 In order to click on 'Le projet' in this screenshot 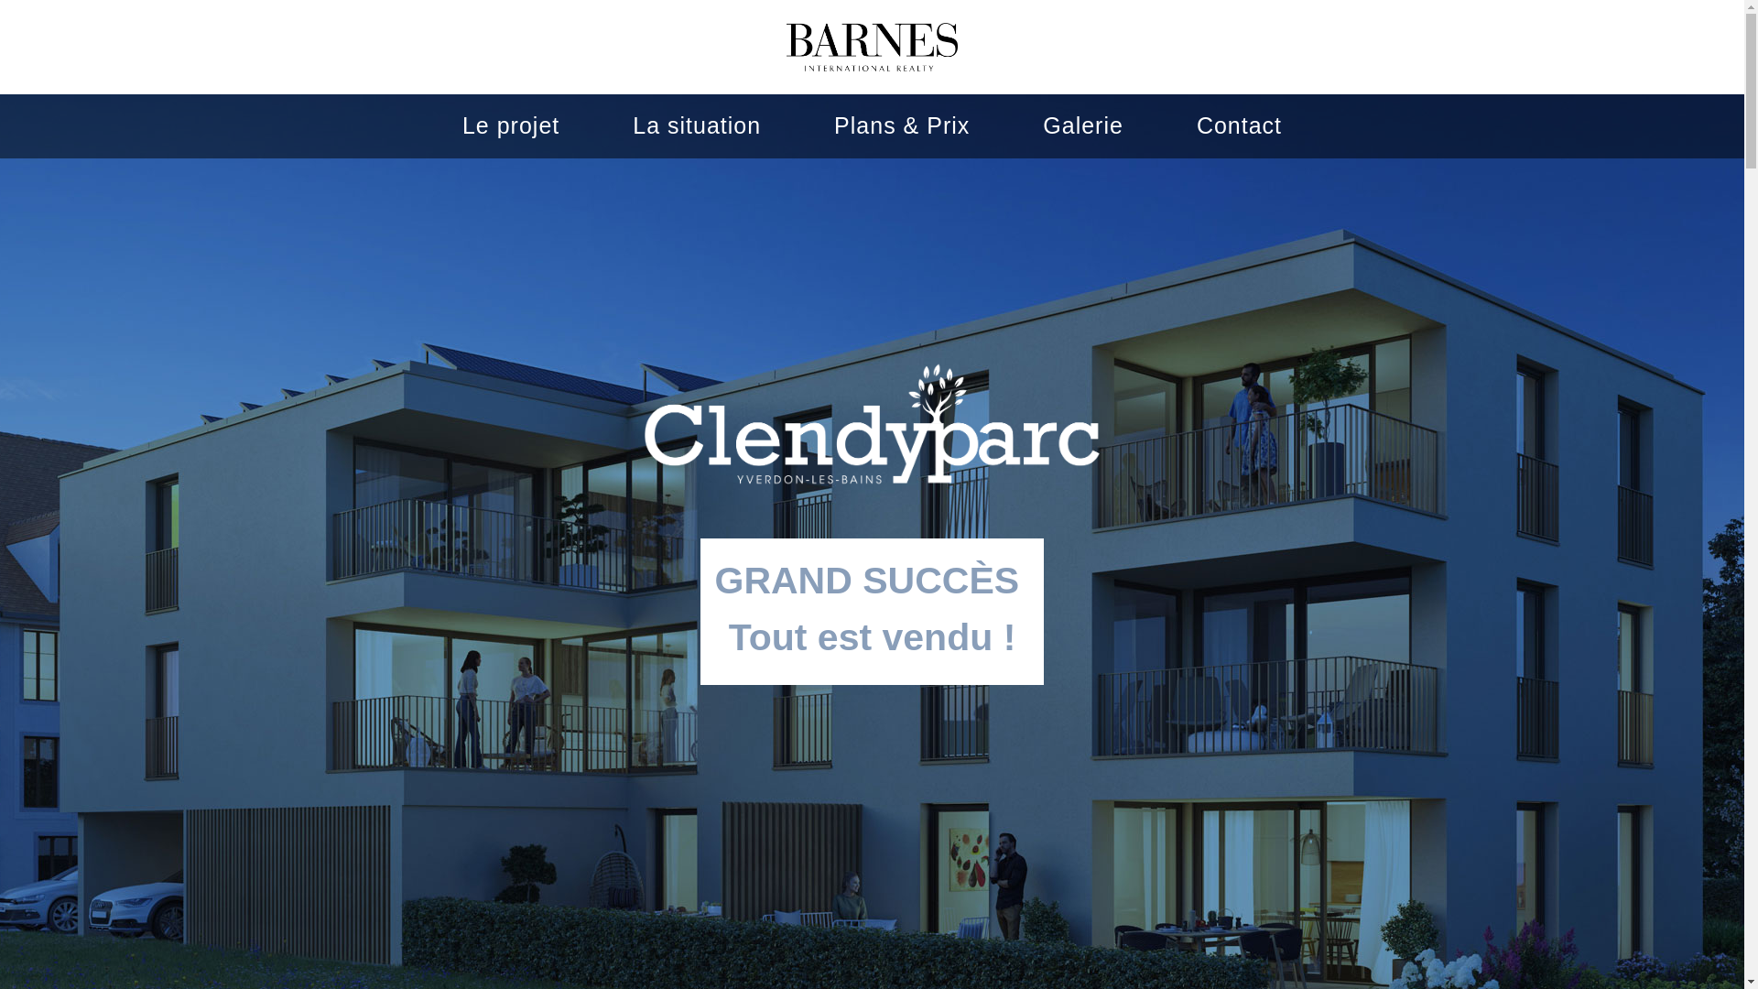, I will do `click(510, 125)`.